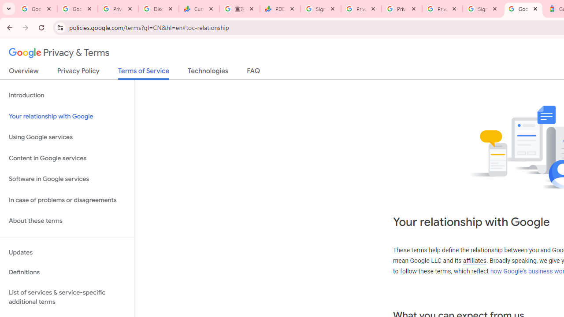 This screenshot has height=317, width=564. I want to click on 'About these terms', so click(67, 221).